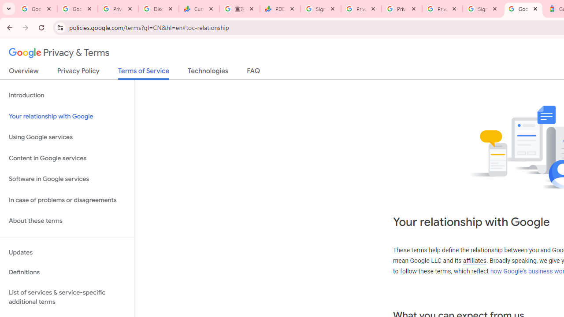 This screenshot has height=317, width=564. I want to click on 'About these terms', so click(67, 221).